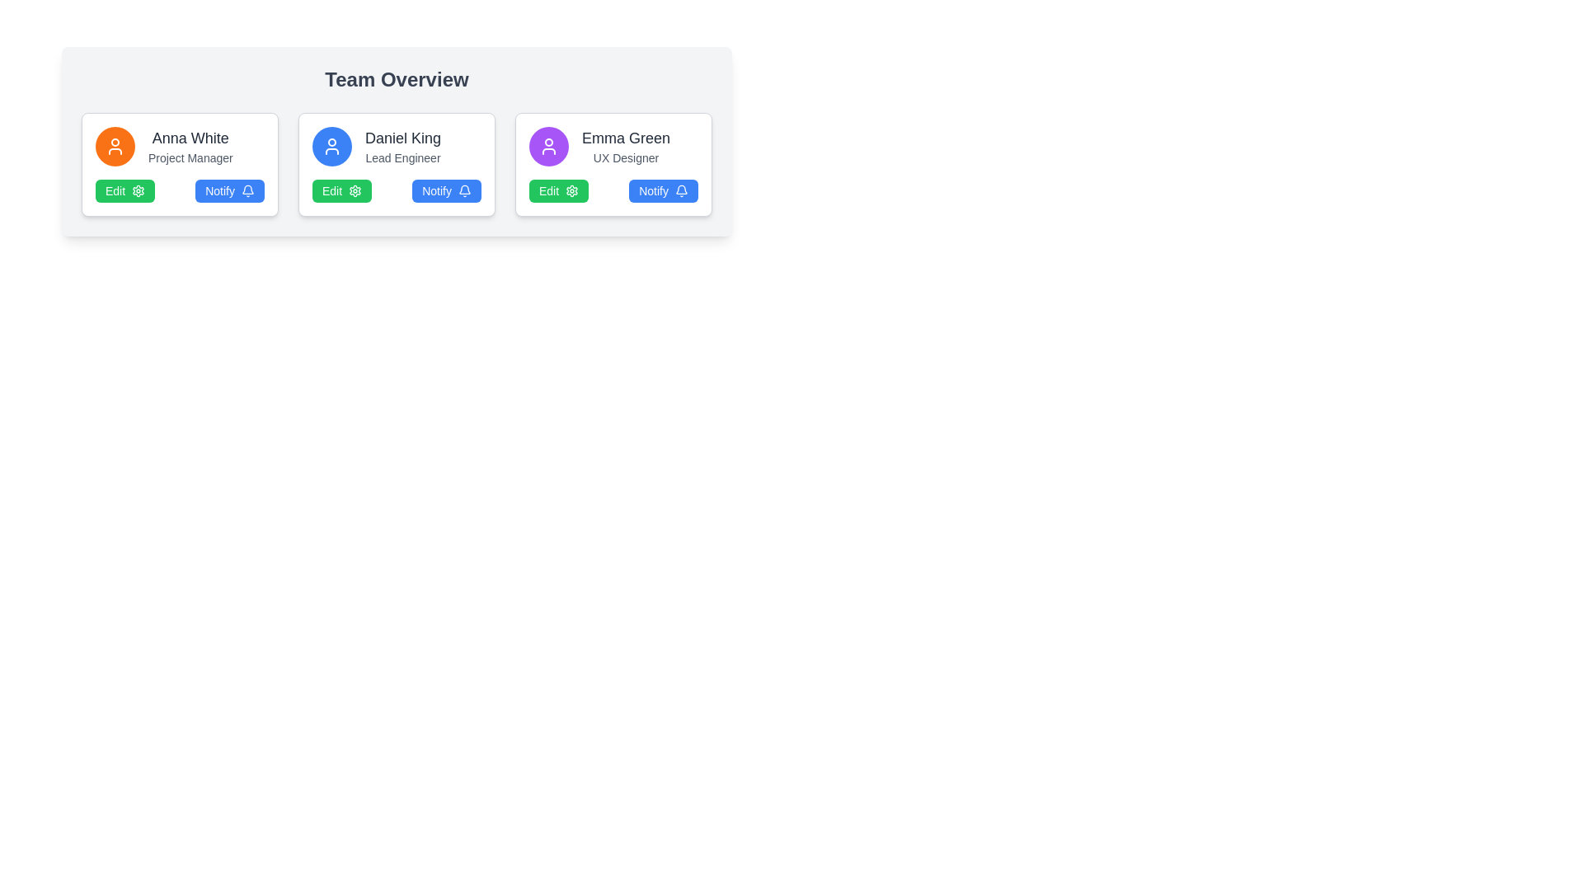 The width and height of the screenshot is (1583, 890). I want to click on the interactive button collection for 'Emma Green', so click(613, 190).